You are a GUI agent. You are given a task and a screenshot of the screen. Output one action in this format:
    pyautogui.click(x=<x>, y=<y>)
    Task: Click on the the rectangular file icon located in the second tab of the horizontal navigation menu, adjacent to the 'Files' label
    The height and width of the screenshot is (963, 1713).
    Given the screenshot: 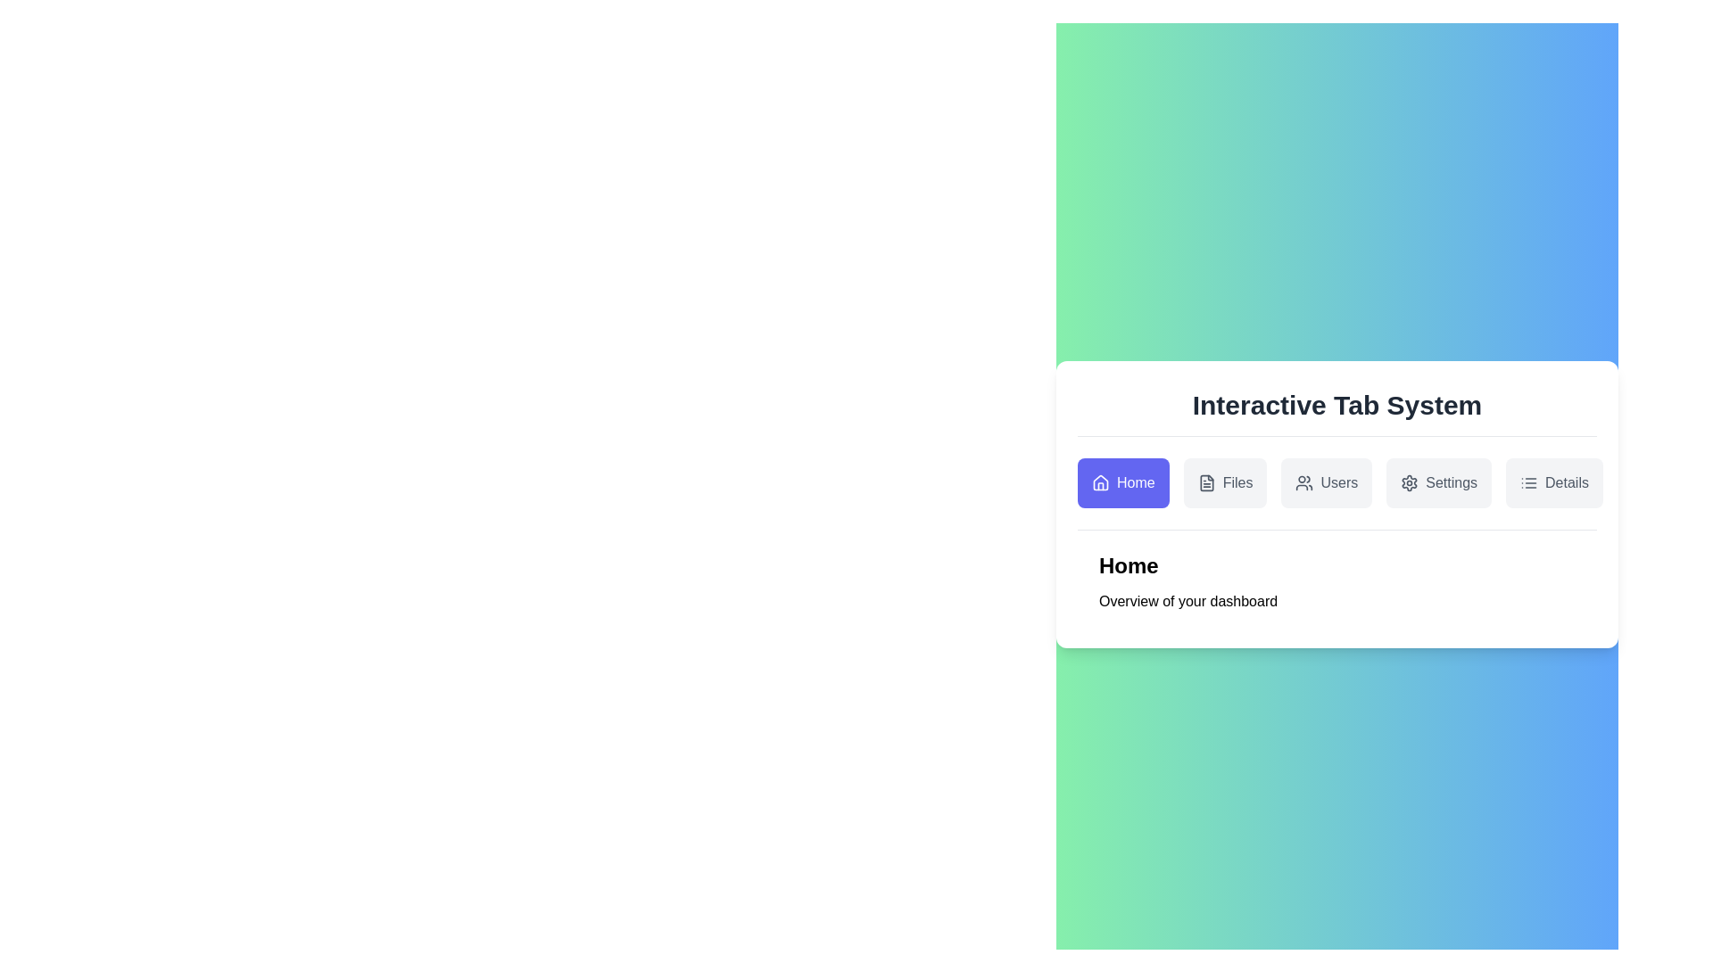 What is the action you would take?
    pyautogui.click(x=1206, y=483)
    